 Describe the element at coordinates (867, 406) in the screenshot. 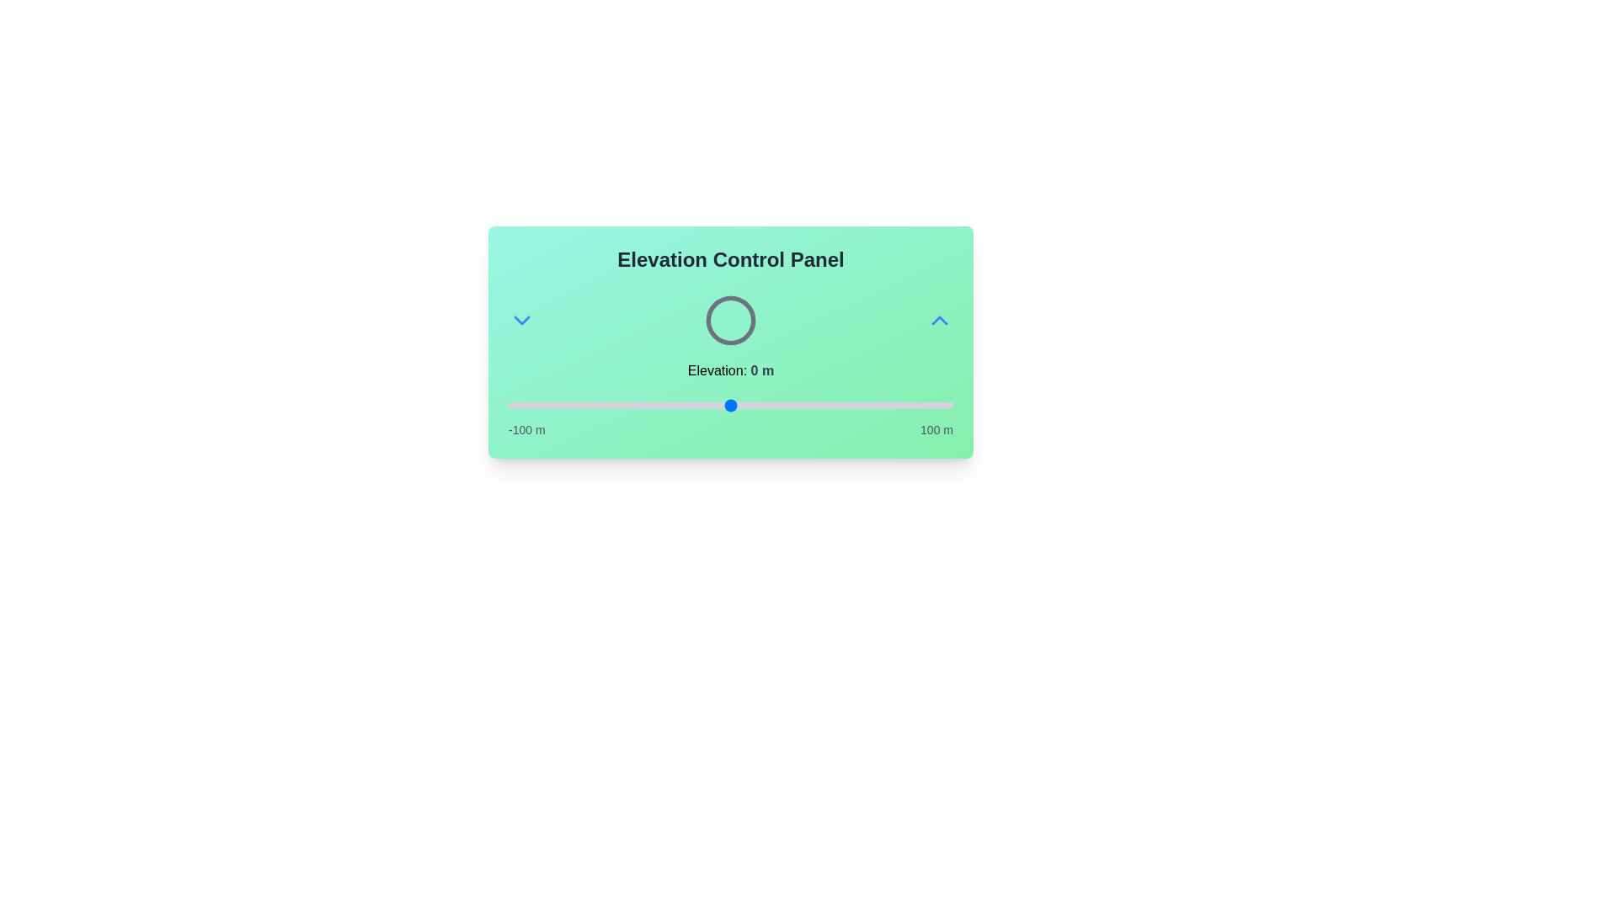

I see `the elevation to 61 meters using the slider` at that location.